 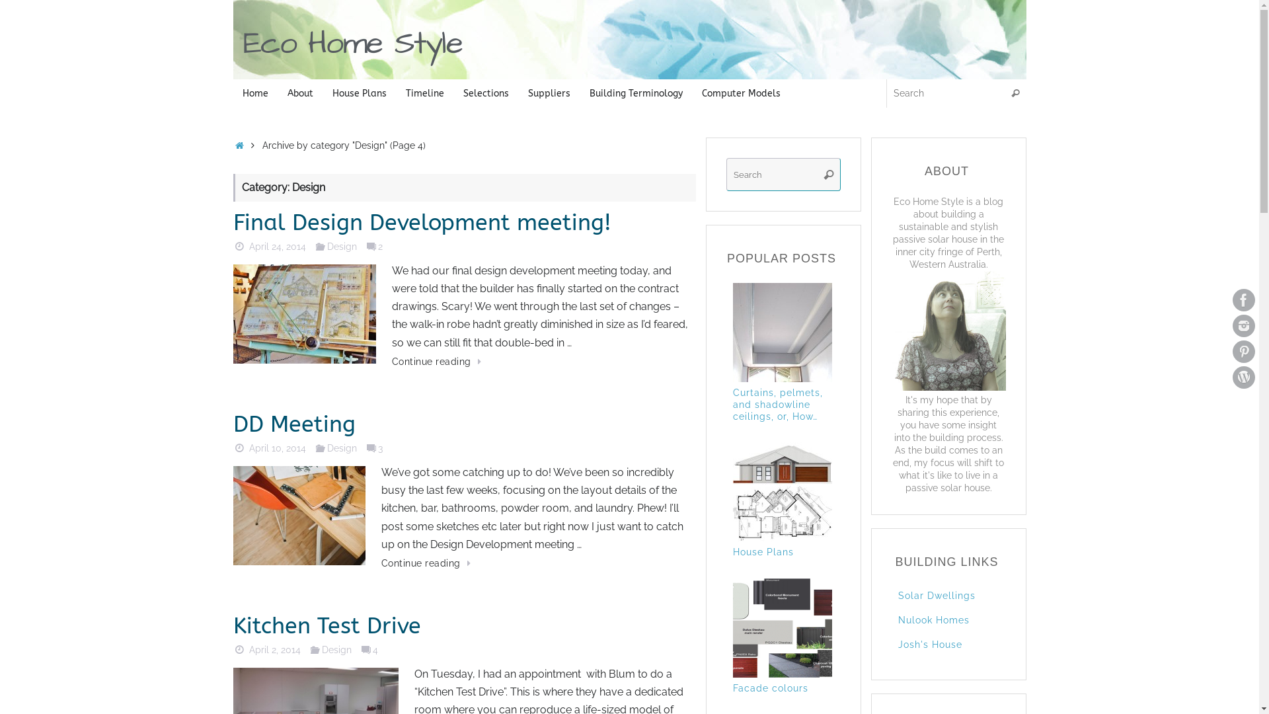 What do you see at coordinates (932, 619) in the screenshot?
I see `'Nulook Homes'` at bounding box center [932, 619].